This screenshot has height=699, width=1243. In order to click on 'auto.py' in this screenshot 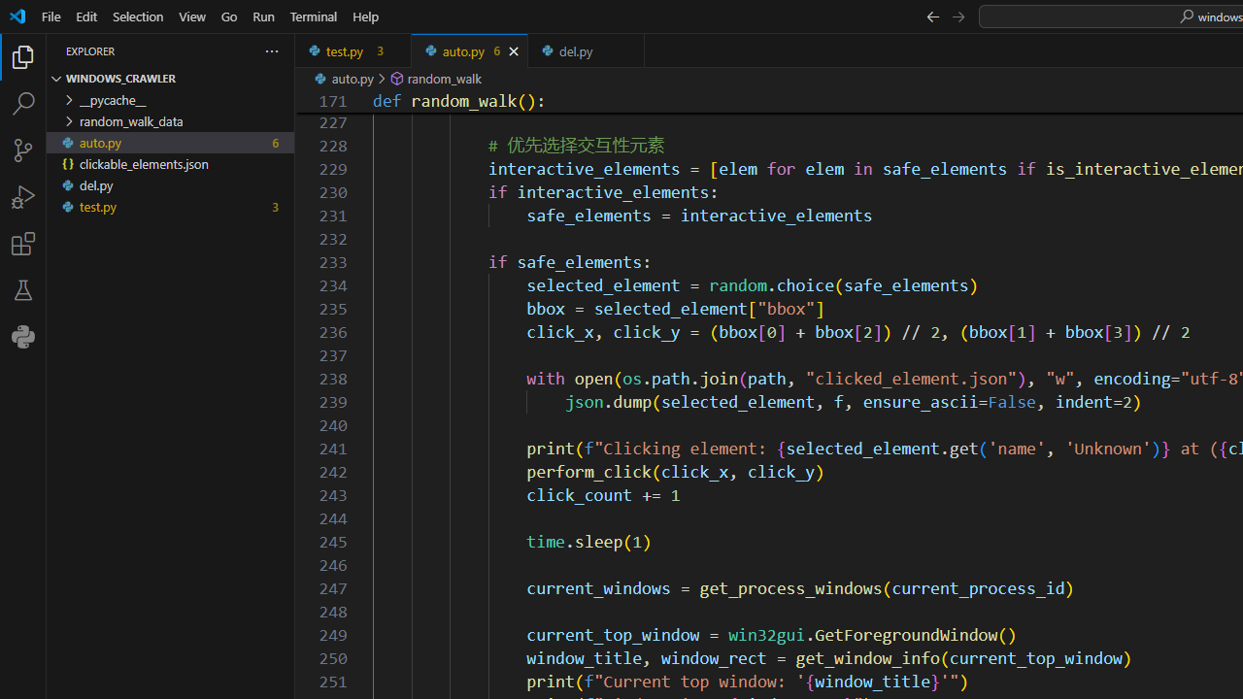, I will do `click(469, 50)`.